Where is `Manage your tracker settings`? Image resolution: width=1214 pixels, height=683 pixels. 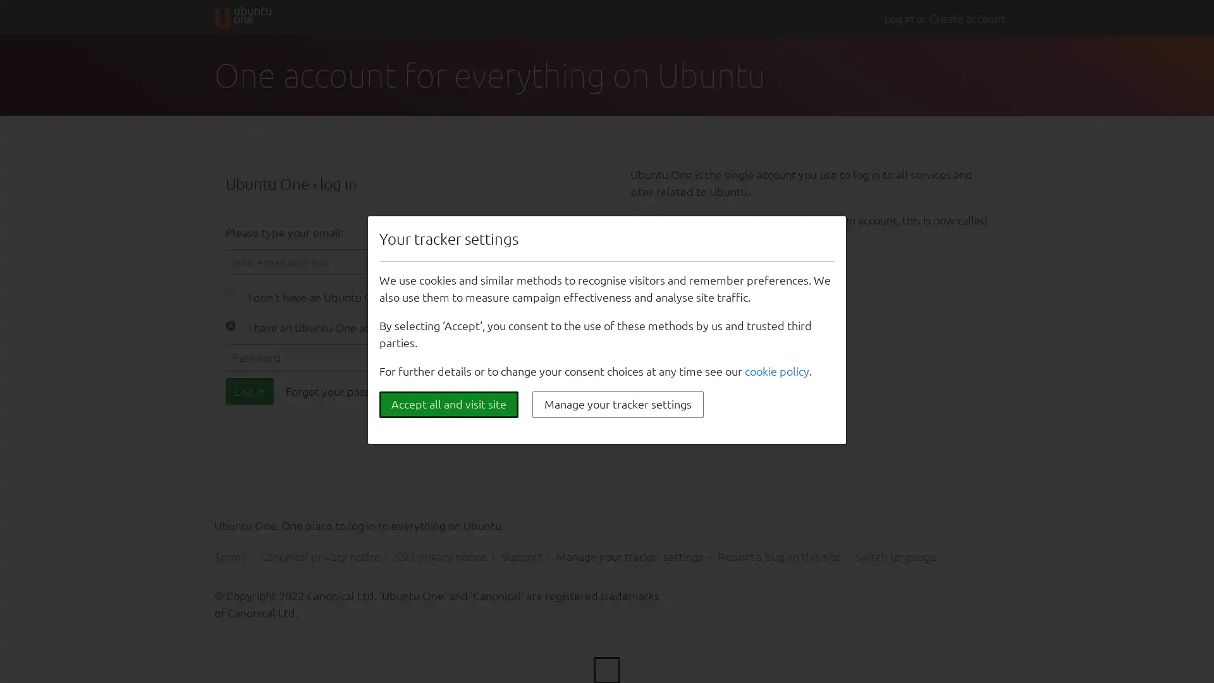 Manage your tracker settings is located at coordinates (618, 404).